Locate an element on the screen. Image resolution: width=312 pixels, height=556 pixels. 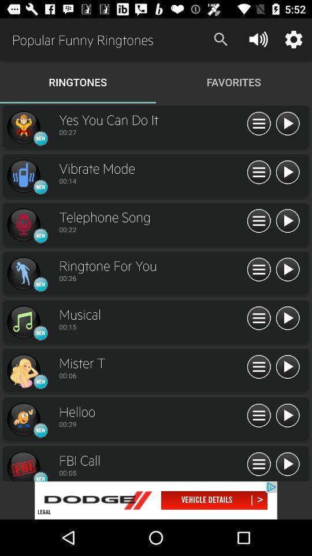
info about musical ringtones is located at coordinates (259, 319).